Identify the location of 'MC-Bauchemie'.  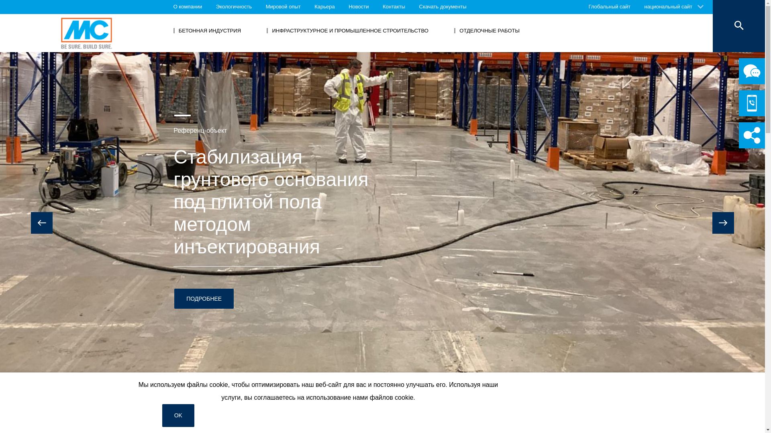
(86, 32).